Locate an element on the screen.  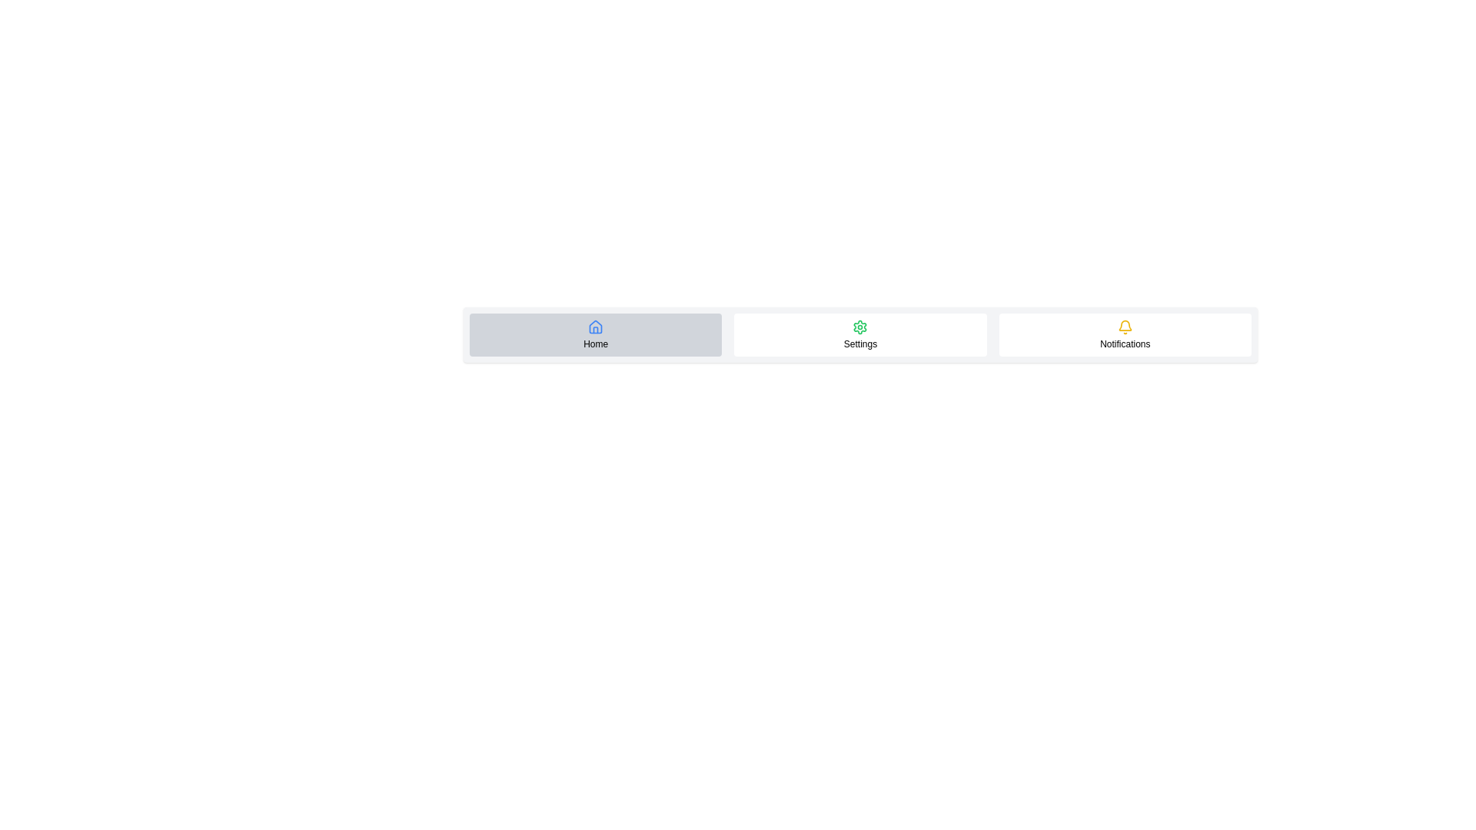
the 'Settings' icon located in the navigation bar, which is the second item from the left is located at coordinates (859, 326).